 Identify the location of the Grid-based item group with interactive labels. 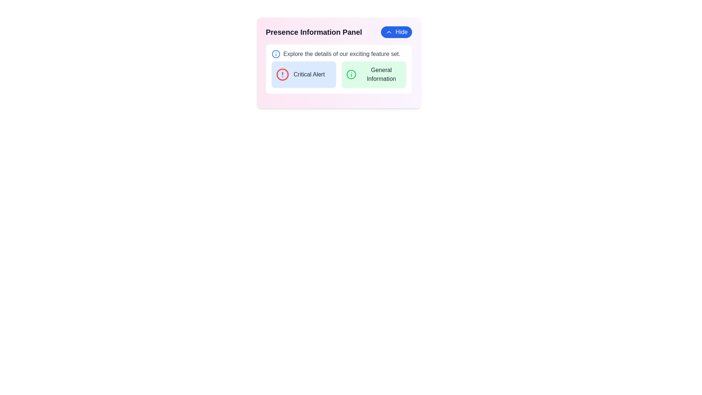
(338, 75).